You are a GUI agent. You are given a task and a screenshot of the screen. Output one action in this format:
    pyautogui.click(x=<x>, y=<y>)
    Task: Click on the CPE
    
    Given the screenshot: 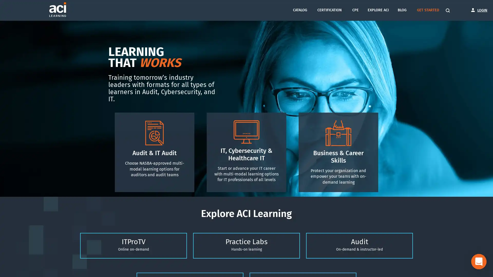 What is the action you would take?
    pyautogui.click(x=355, y=10)
    